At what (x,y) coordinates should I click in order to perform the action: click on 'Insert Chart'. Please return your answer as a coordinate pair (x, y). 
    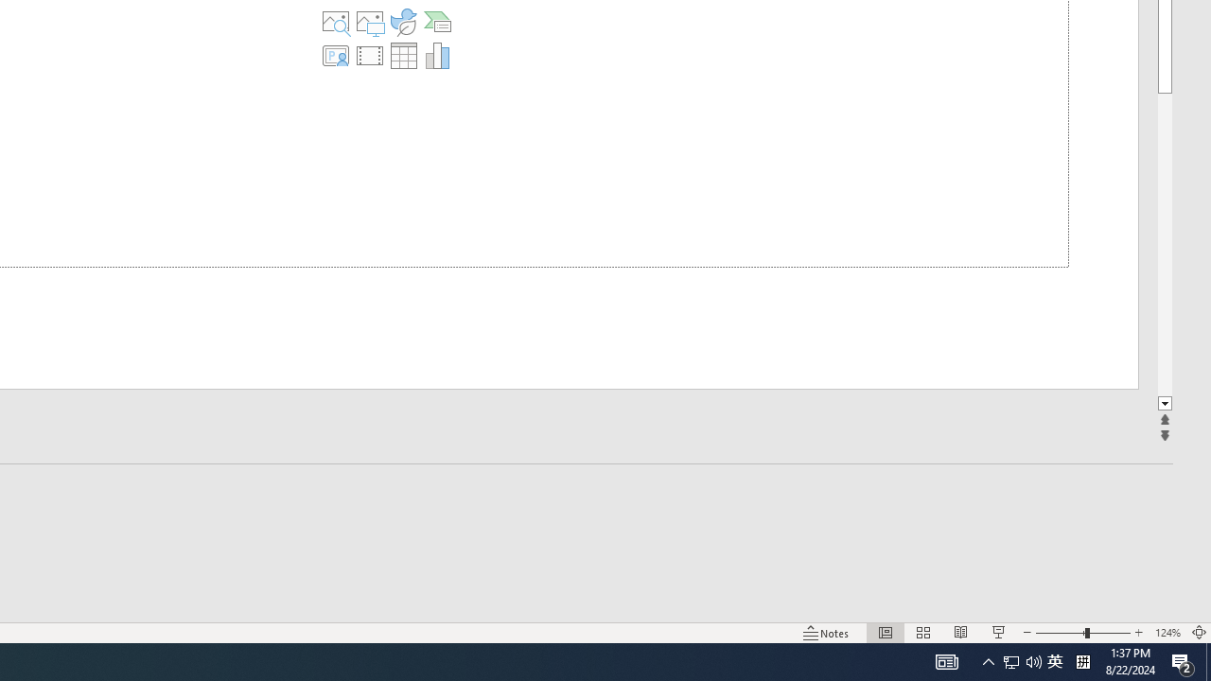
    Looking at the image, I should click on (436, 55).